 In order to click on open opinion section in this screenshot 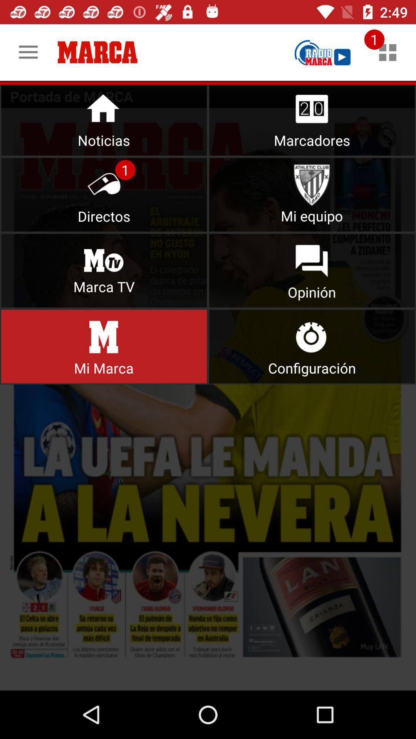, I will do `click(312, 271)`.